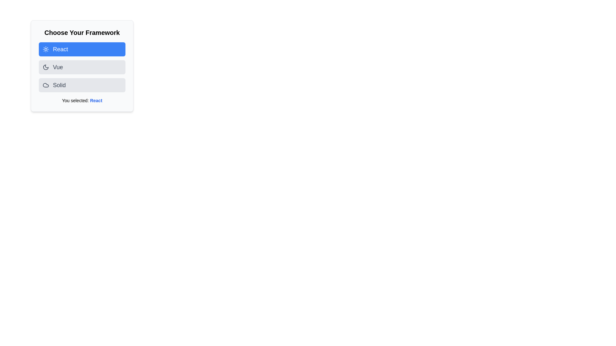 The height and width of the screenshot is (346, 616). Describe the element at coordinates (46, 67) in the screenshot. I see `the crescent moon icon located next to the text 'Vue' on the second row of the framework options list under 'Choose Your Framework'` at that location.